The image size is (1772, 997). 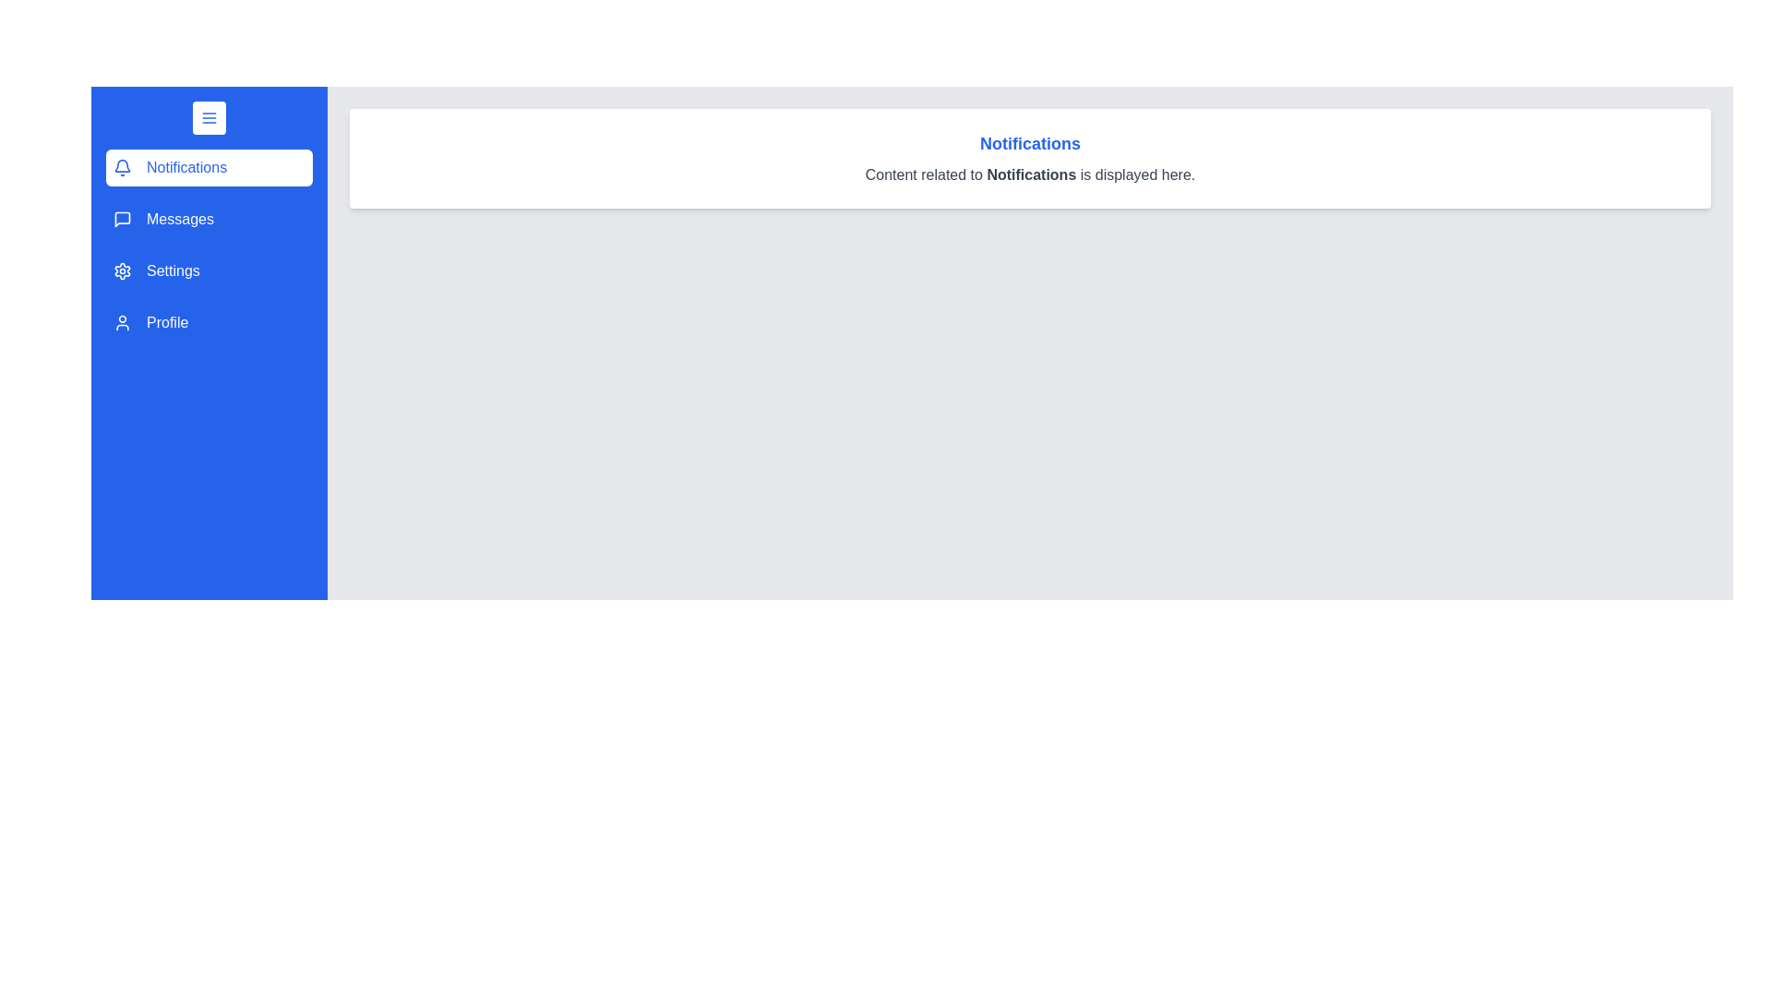 I want to click on the menu section labeled Profile, so click(x=209, y=322).